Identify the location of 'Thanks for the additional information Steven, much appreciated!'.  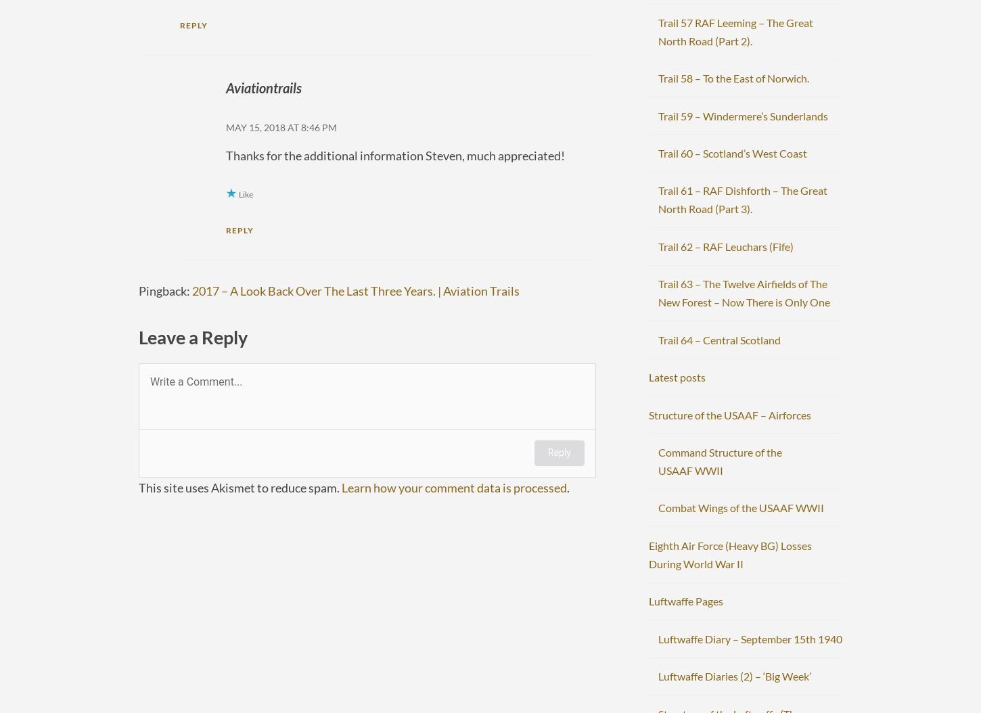
(394, 155).